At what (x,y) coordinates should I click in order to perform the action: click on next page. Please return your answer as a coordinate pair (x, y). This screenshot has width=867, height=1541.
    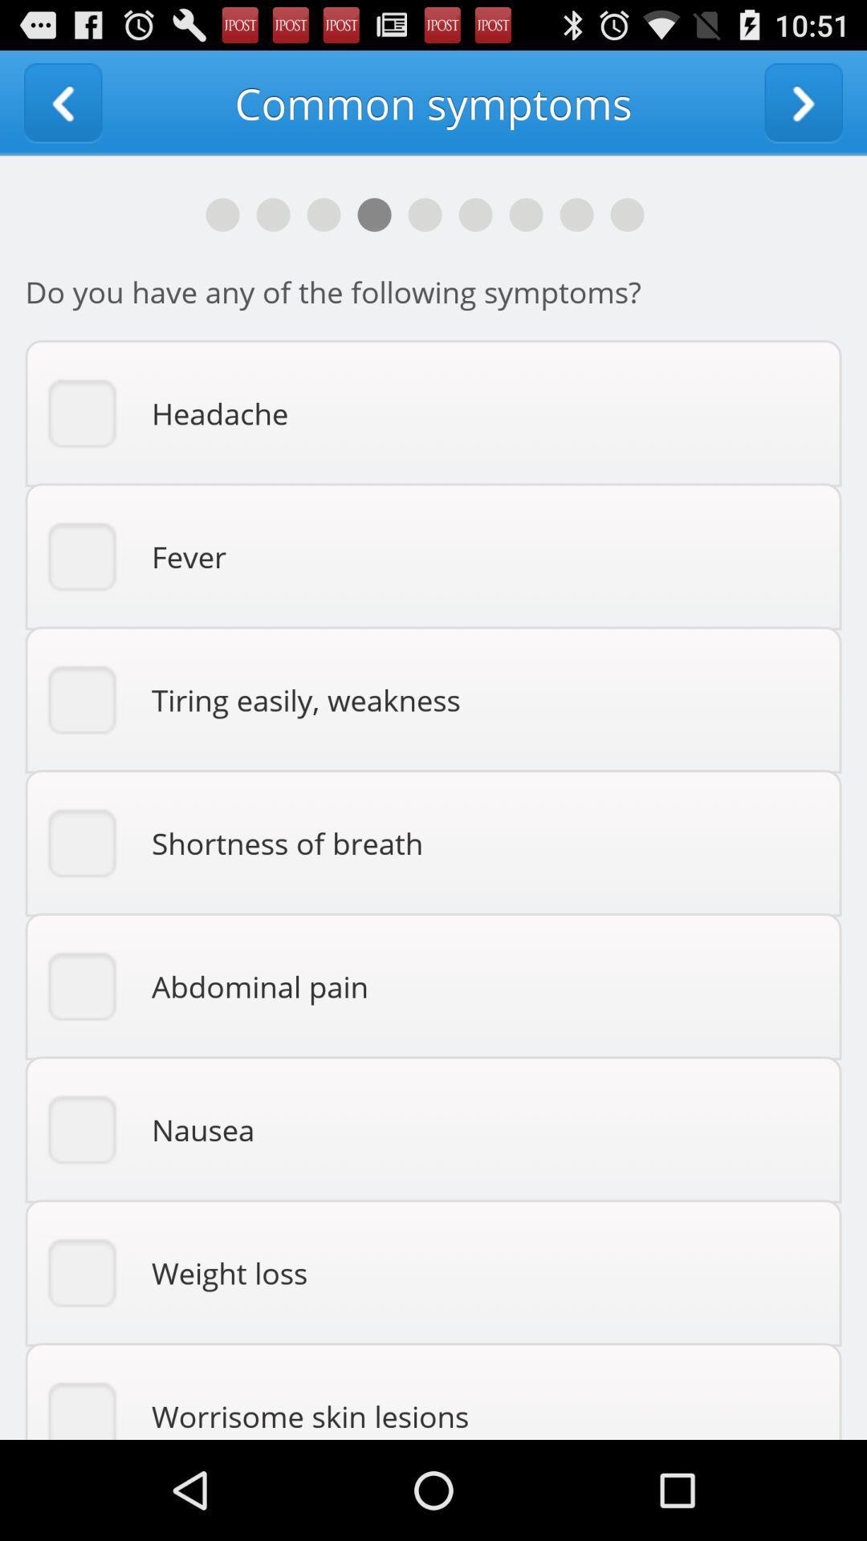
    Looking at the image, I should click on (804, 102).